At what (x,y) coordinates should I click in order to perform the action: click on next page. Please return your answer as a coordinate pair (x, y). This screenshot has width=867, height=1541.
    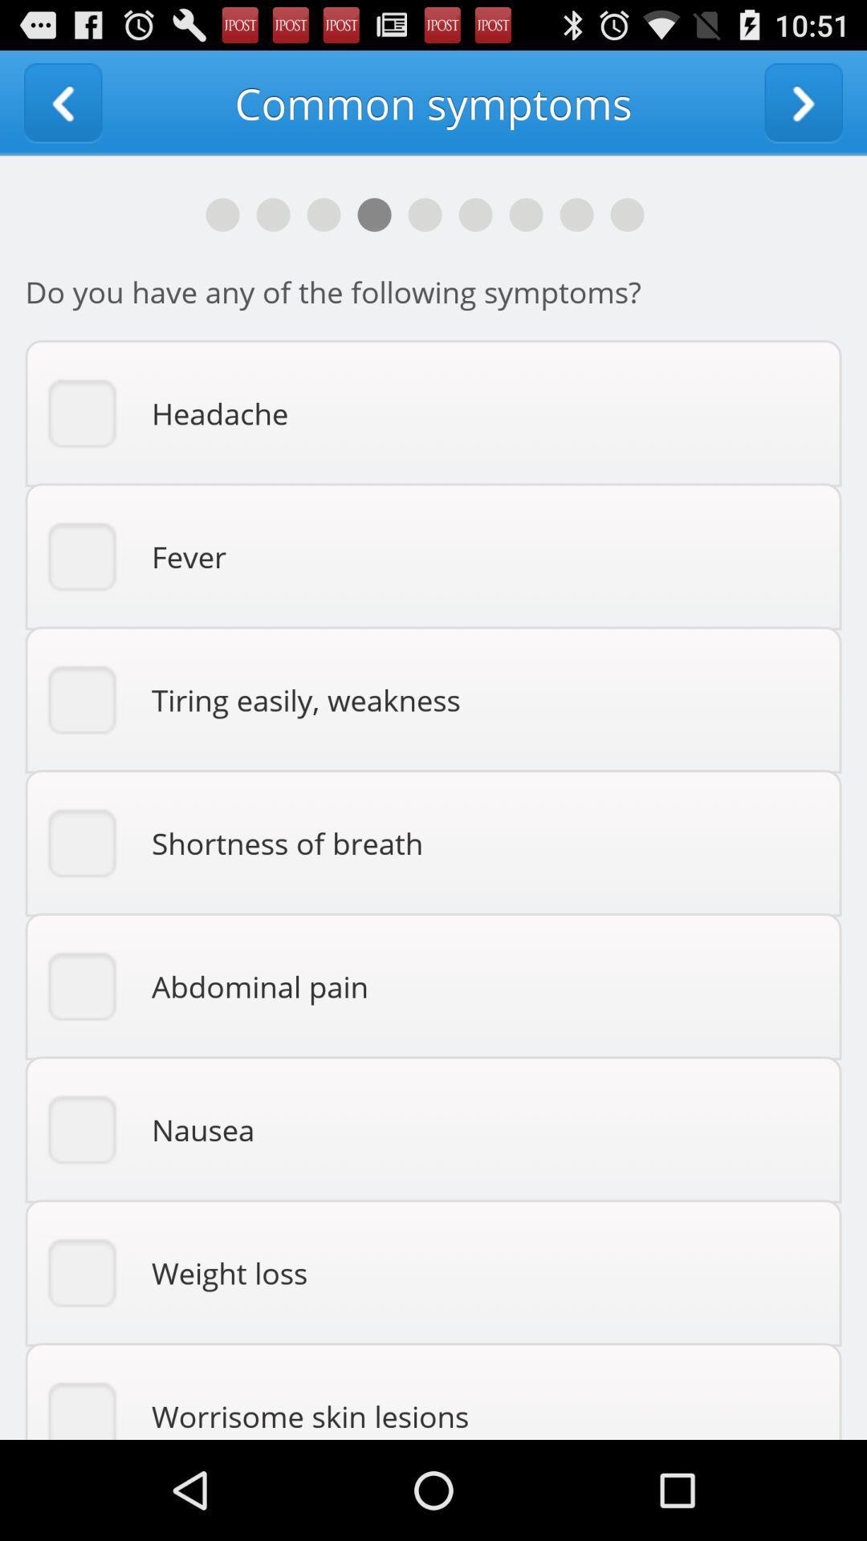
    Looking at the image, I should click on (804, 102).